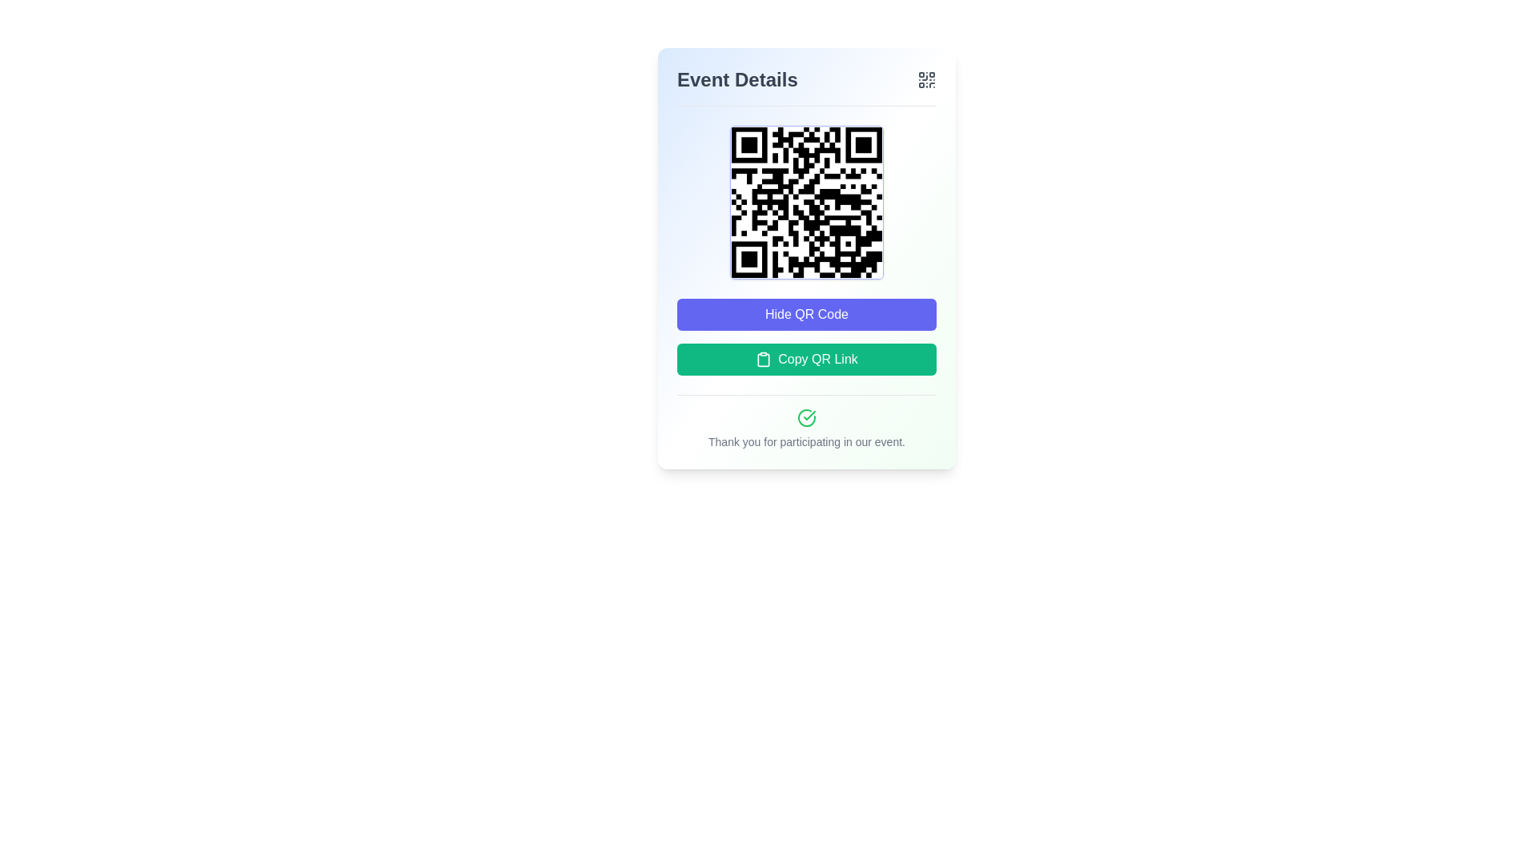 The width and height of the screenshot is (1537, 865). I want to click on the button located in the center section of the interface, directly below the QR code, so click(807, 315).